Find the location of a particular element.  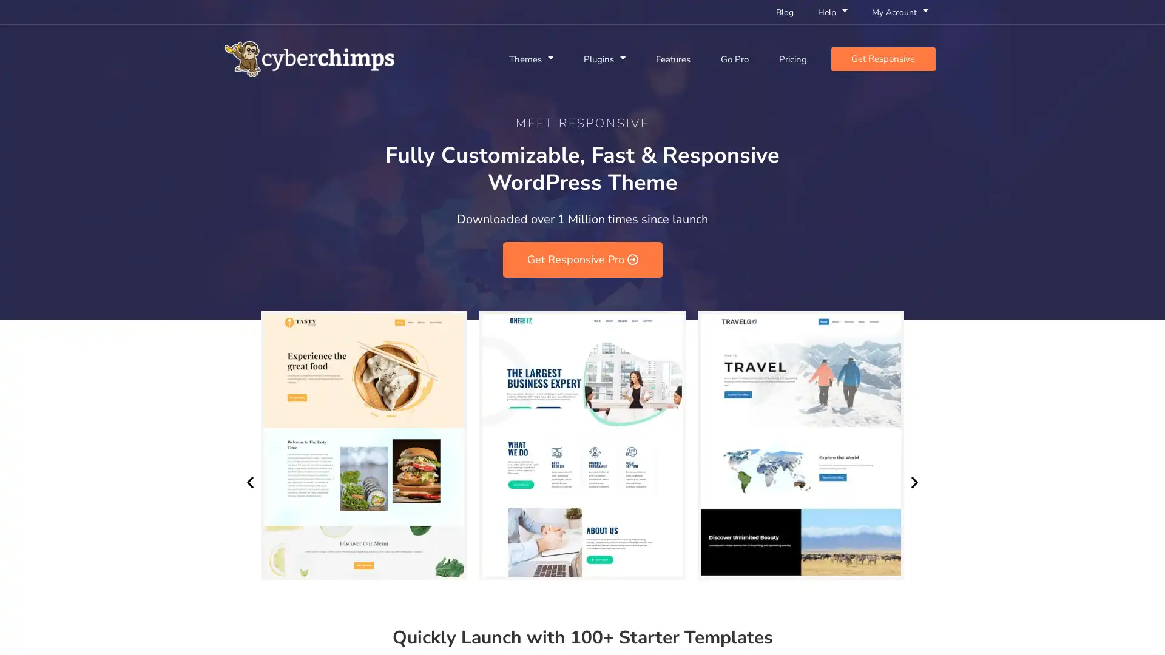

Get Responsive Pro is located at coordinates (581, 259).